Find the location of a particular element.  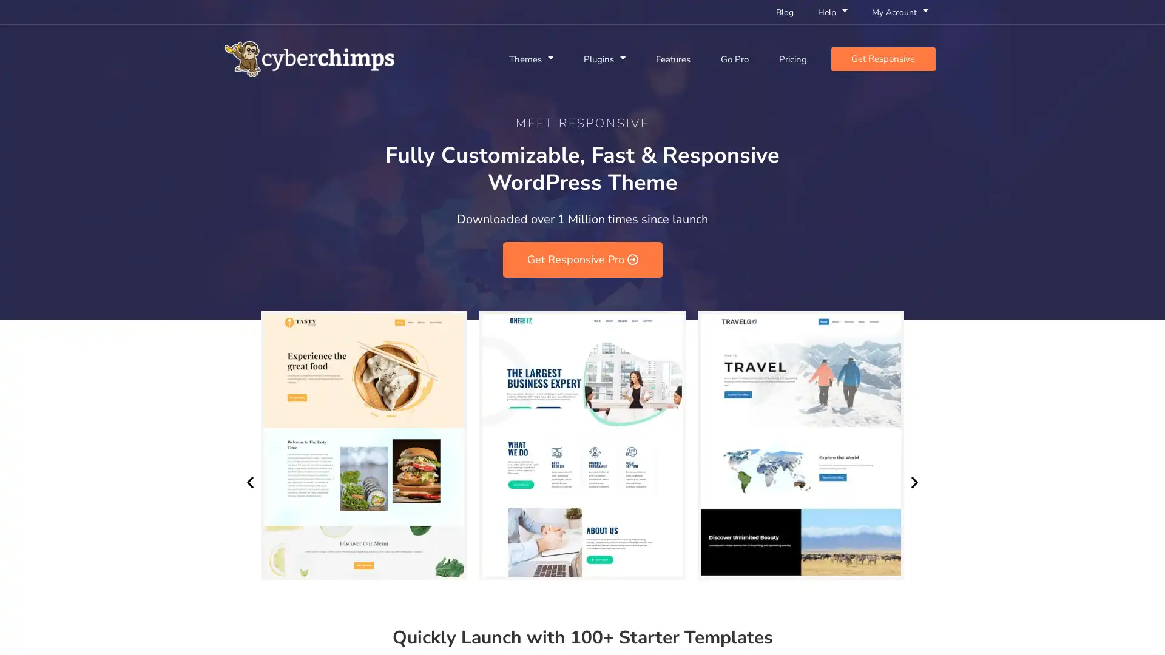

Get Responsive Pro is located at coordinates (581, 259).